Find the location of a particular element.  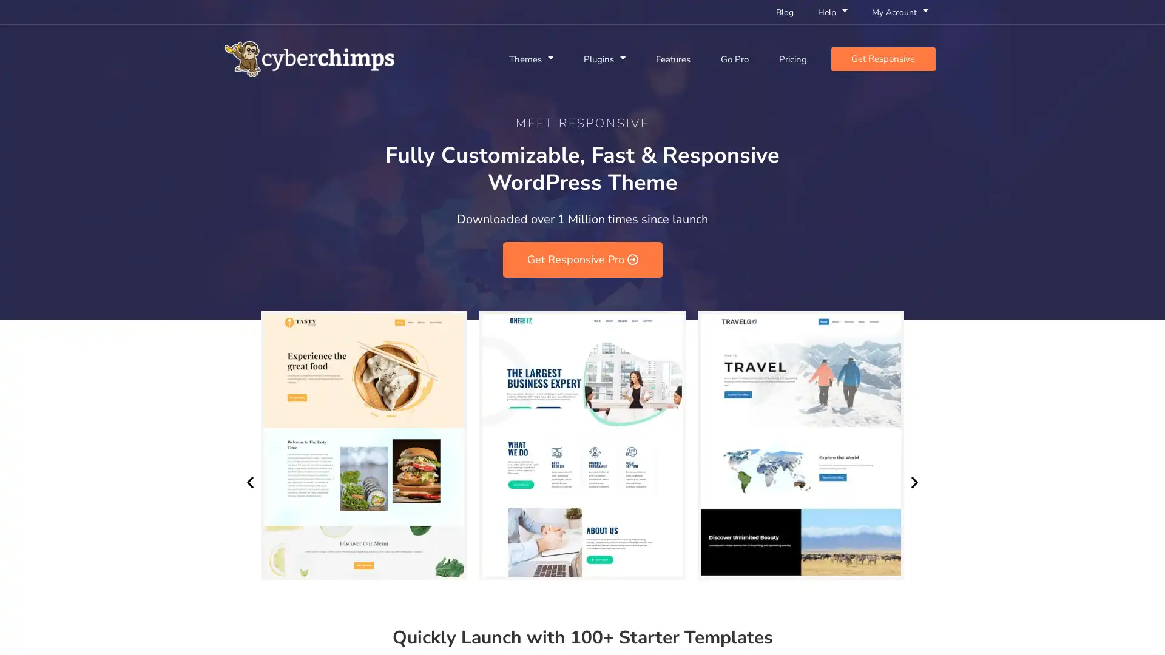

Get Responsive Pro is located at coordinates (581, 259).